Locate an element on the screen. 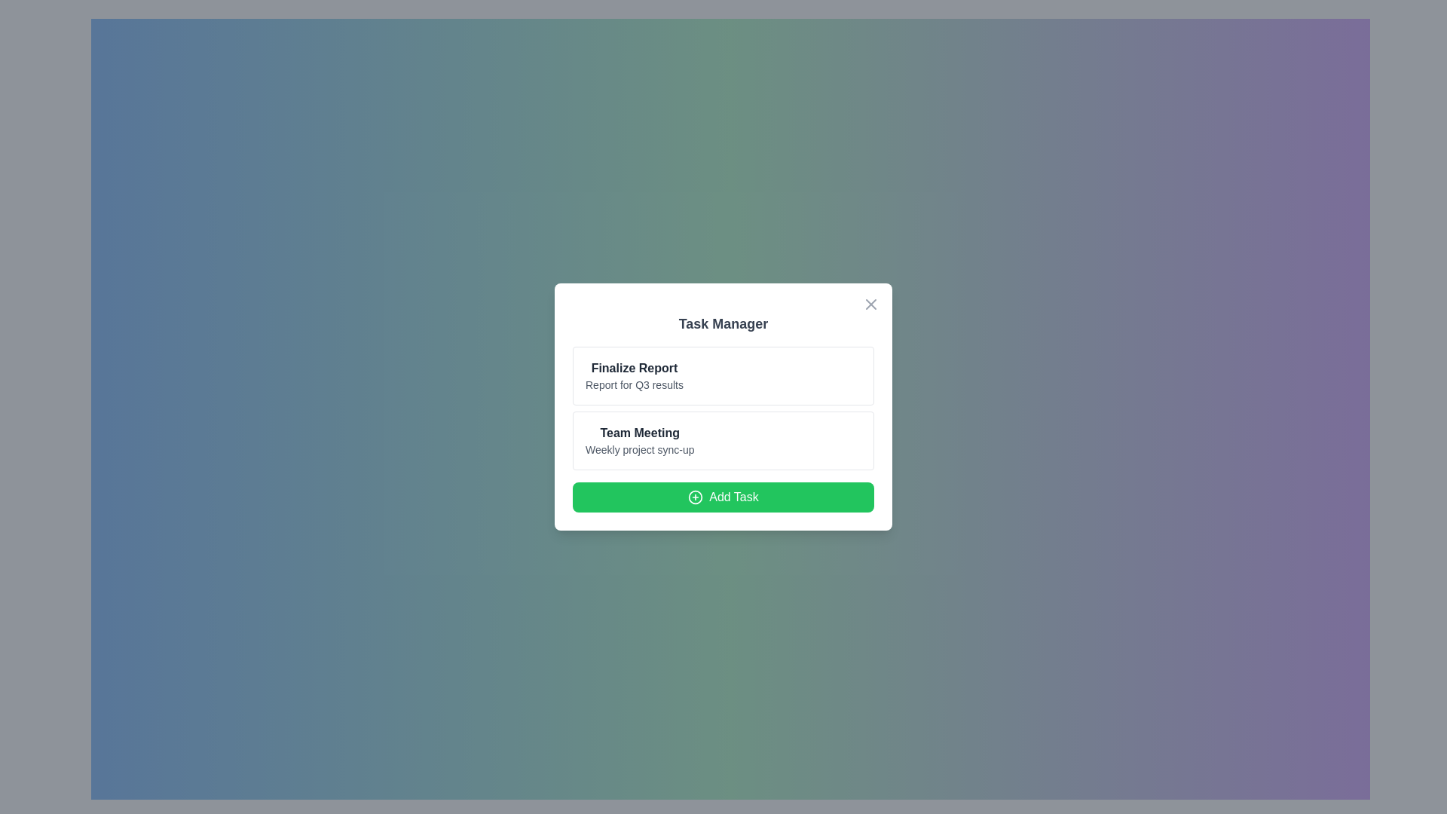 The height and width of the screenshot is (814, 1447). the text label displaying 'Weekly project sync-up' located in the 'Team Meeting' section, which is directly beneath the 'Team Meeting' heading is located at coordinates (640, 449).